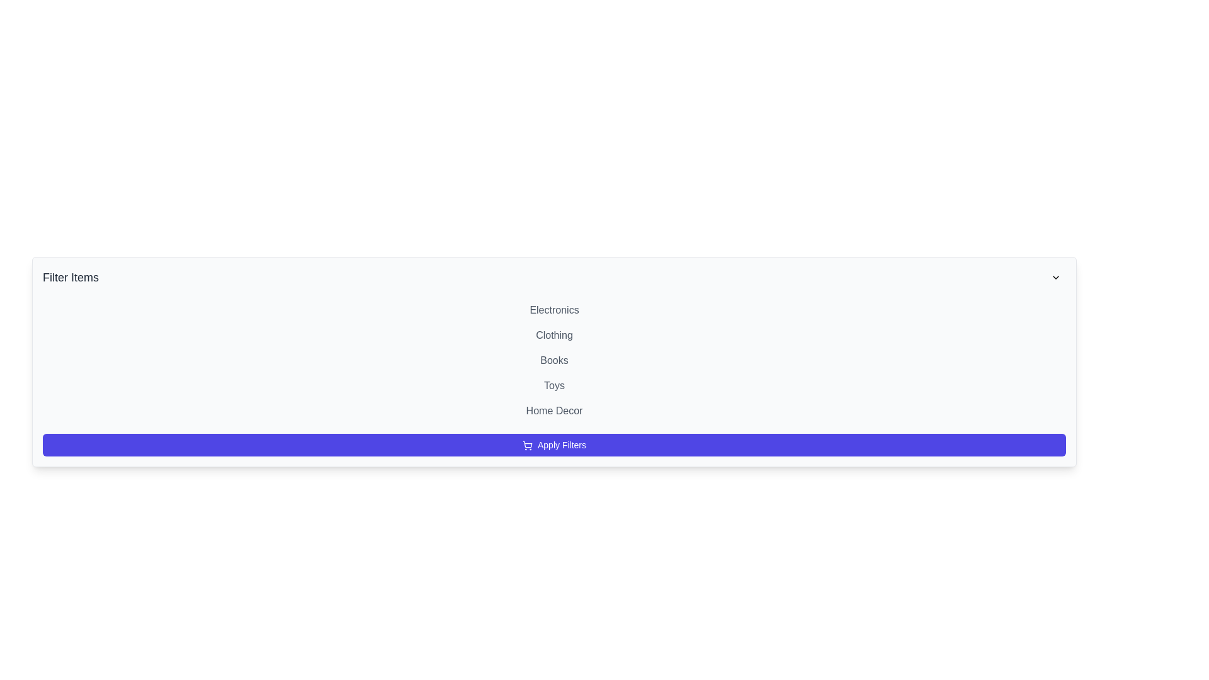 The height and width of the screenshot is (680, 1209). I want to click on the button at the bottom of the filter panel to change its background color for visual feedback, so click(554, 444).